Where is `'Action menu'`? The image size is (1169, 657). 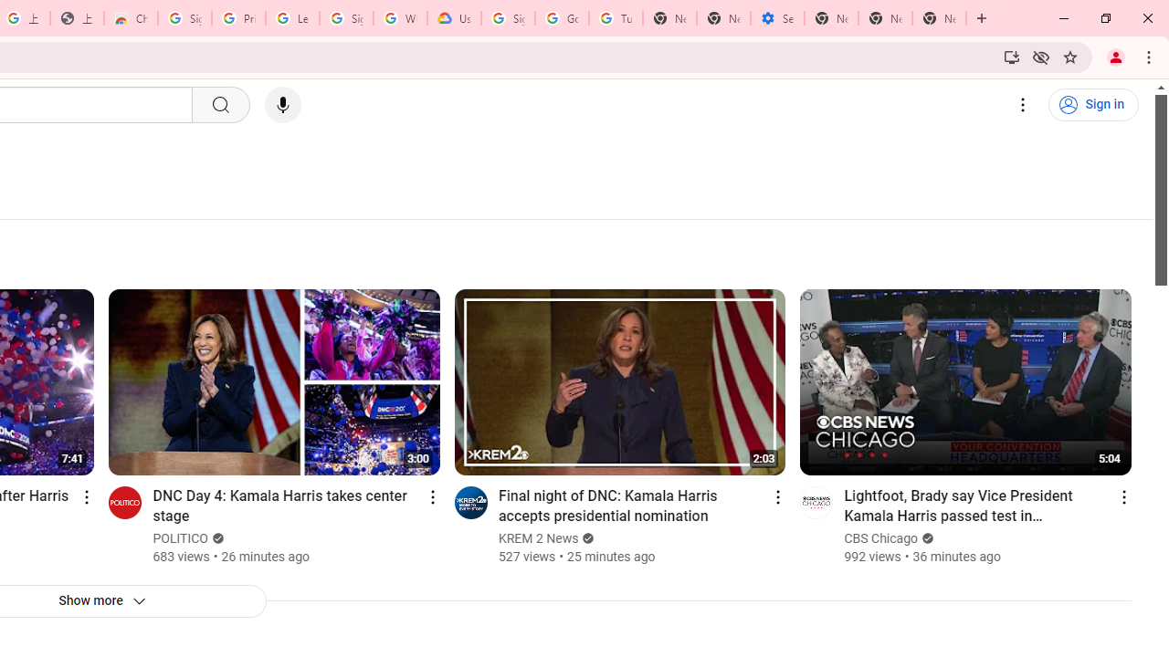 'Action menu' is located at coordinates (1122, 496).